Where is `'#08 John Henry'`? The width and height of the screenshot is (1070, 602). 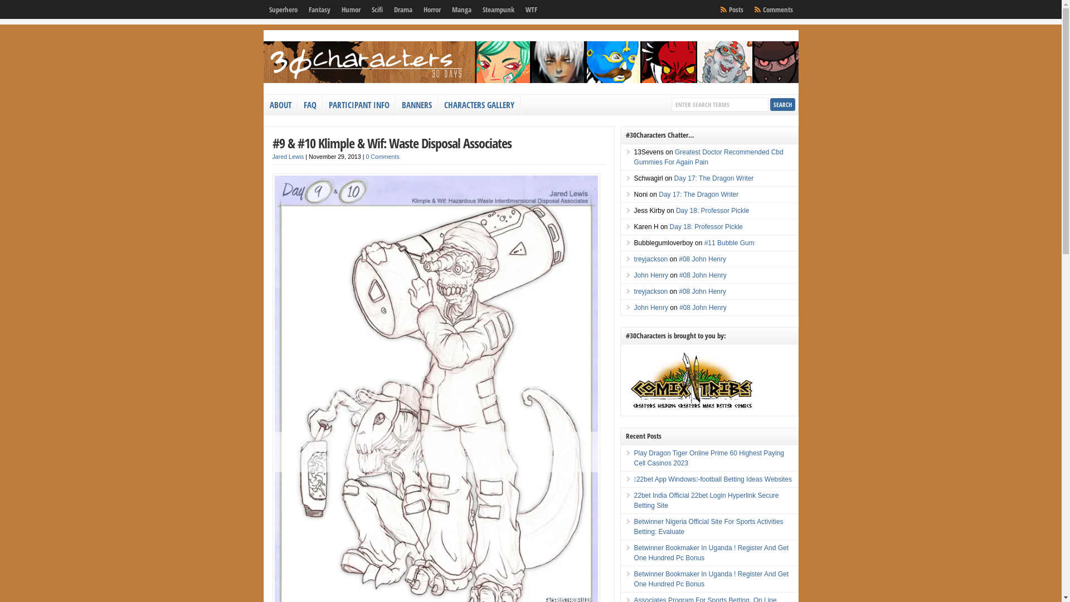
'#08 John Henry' is located at coordinates (702, 259).